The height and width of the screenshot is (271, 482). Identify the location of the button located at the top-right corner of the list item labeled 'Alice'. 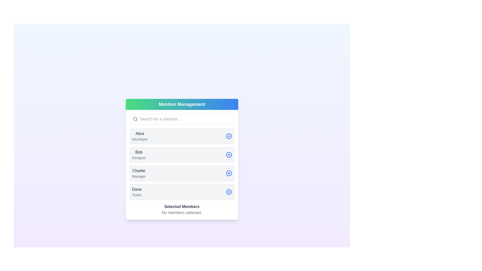
(228, 136).